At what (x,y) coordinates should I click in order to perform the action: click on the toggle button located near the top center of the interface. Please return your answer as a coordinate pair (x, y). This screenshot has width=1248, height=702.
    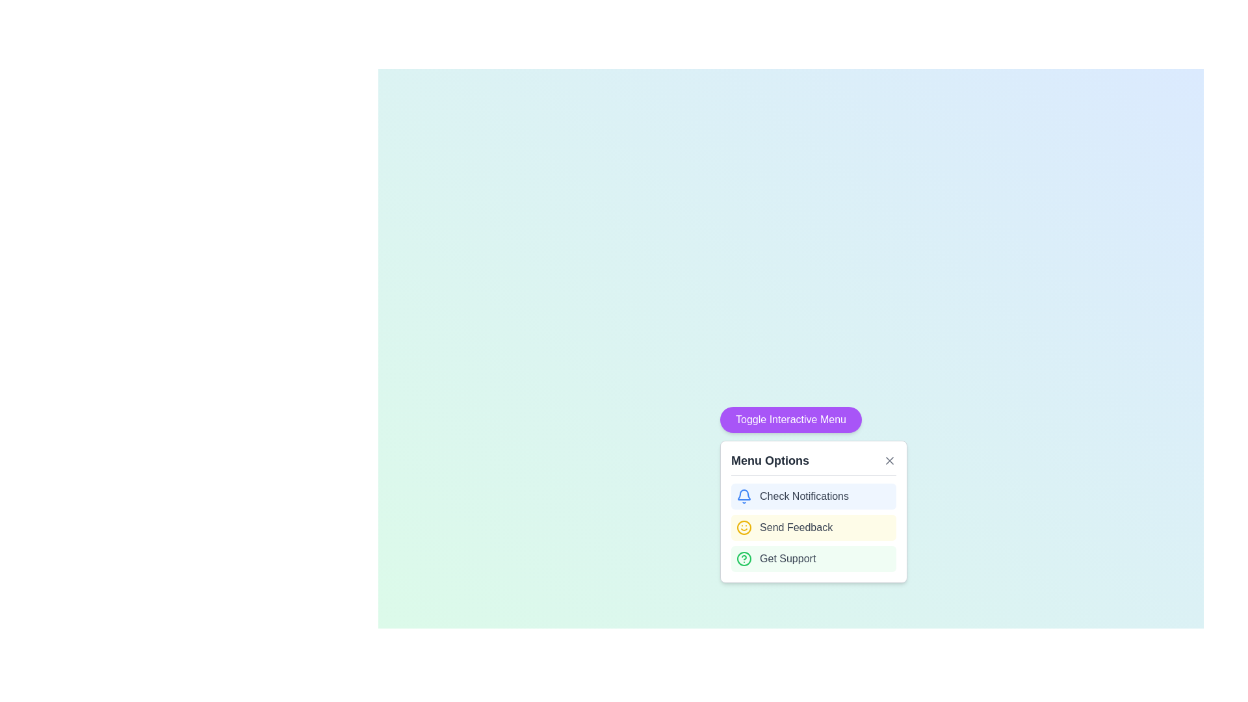
    Looking at the image, I should click on (790, 419).